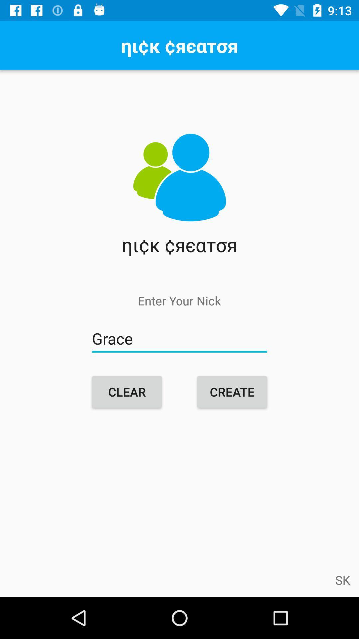  Describe the element at coordinates (343, 579) in the screenshot. I see `the sk item` at that location.